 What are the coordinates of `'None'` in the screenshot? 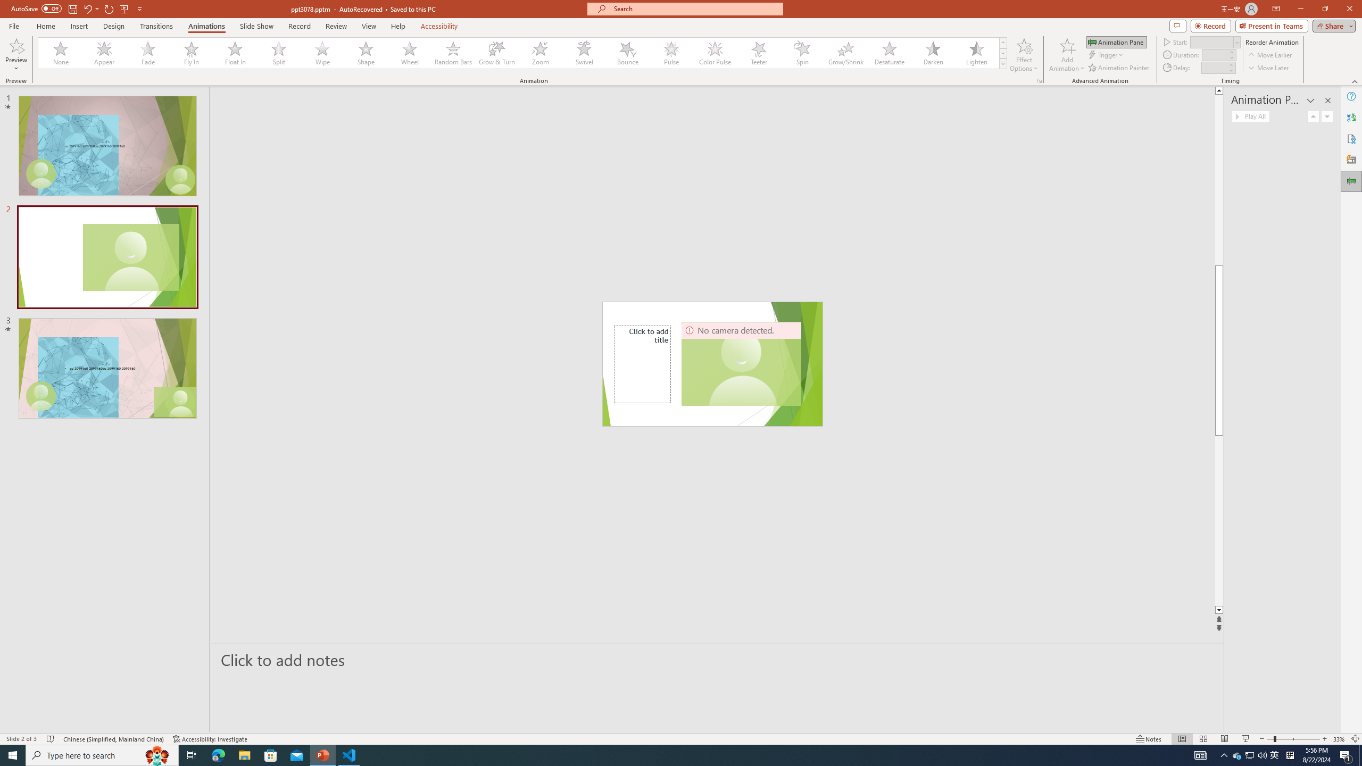 It's located at (61, 53).